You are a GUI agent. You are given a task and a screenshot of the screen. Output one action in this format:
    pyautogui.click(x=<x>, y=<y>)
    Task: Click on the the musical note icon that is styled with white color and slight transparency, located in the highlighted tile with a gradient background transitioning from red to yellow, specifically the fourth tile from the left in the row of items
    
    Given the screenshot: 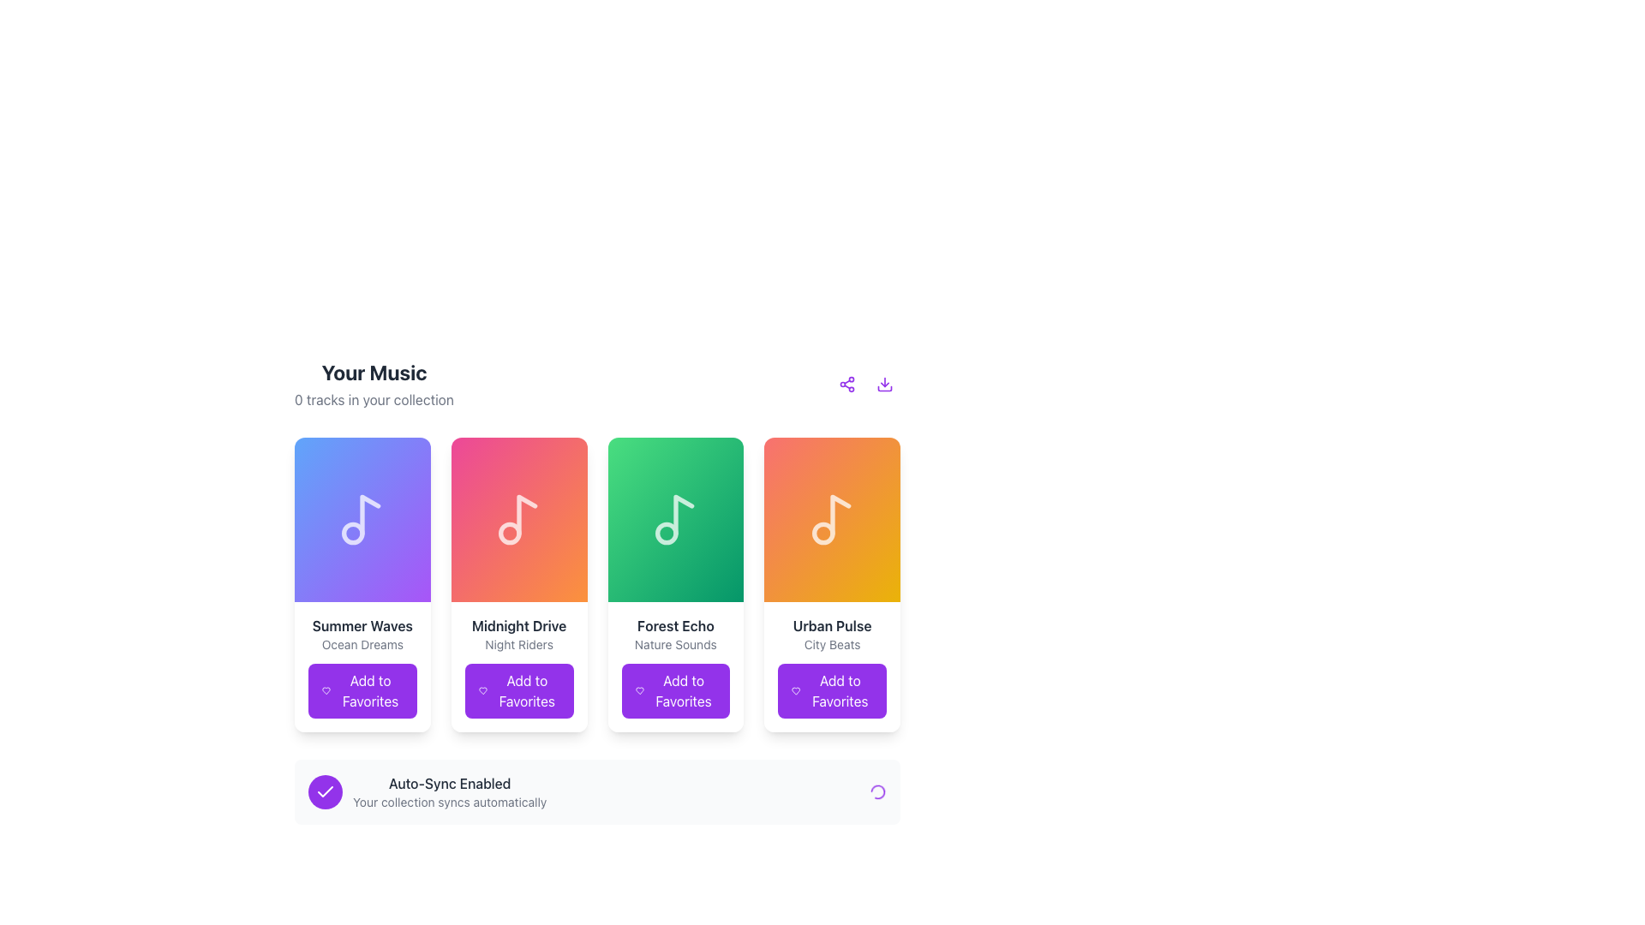 What is the action you would take?
    pyautogui.click(x=832, y=518)
    